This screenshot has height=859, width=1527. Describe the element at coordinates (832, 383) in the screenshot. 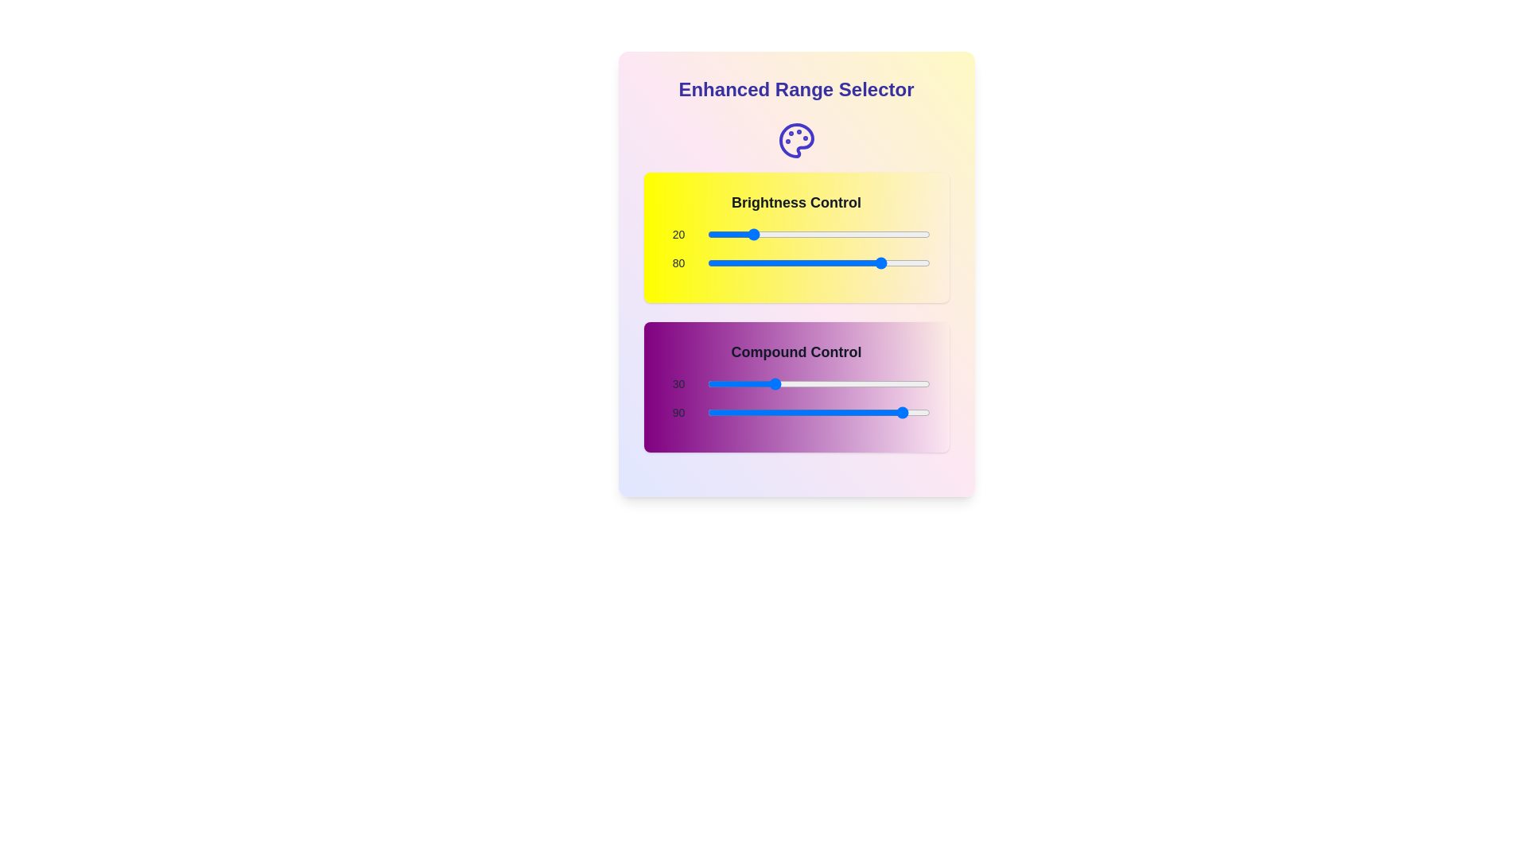

I see `the 'Compound Control' slider to 57 by dragging it to the corresponding position` at that location.